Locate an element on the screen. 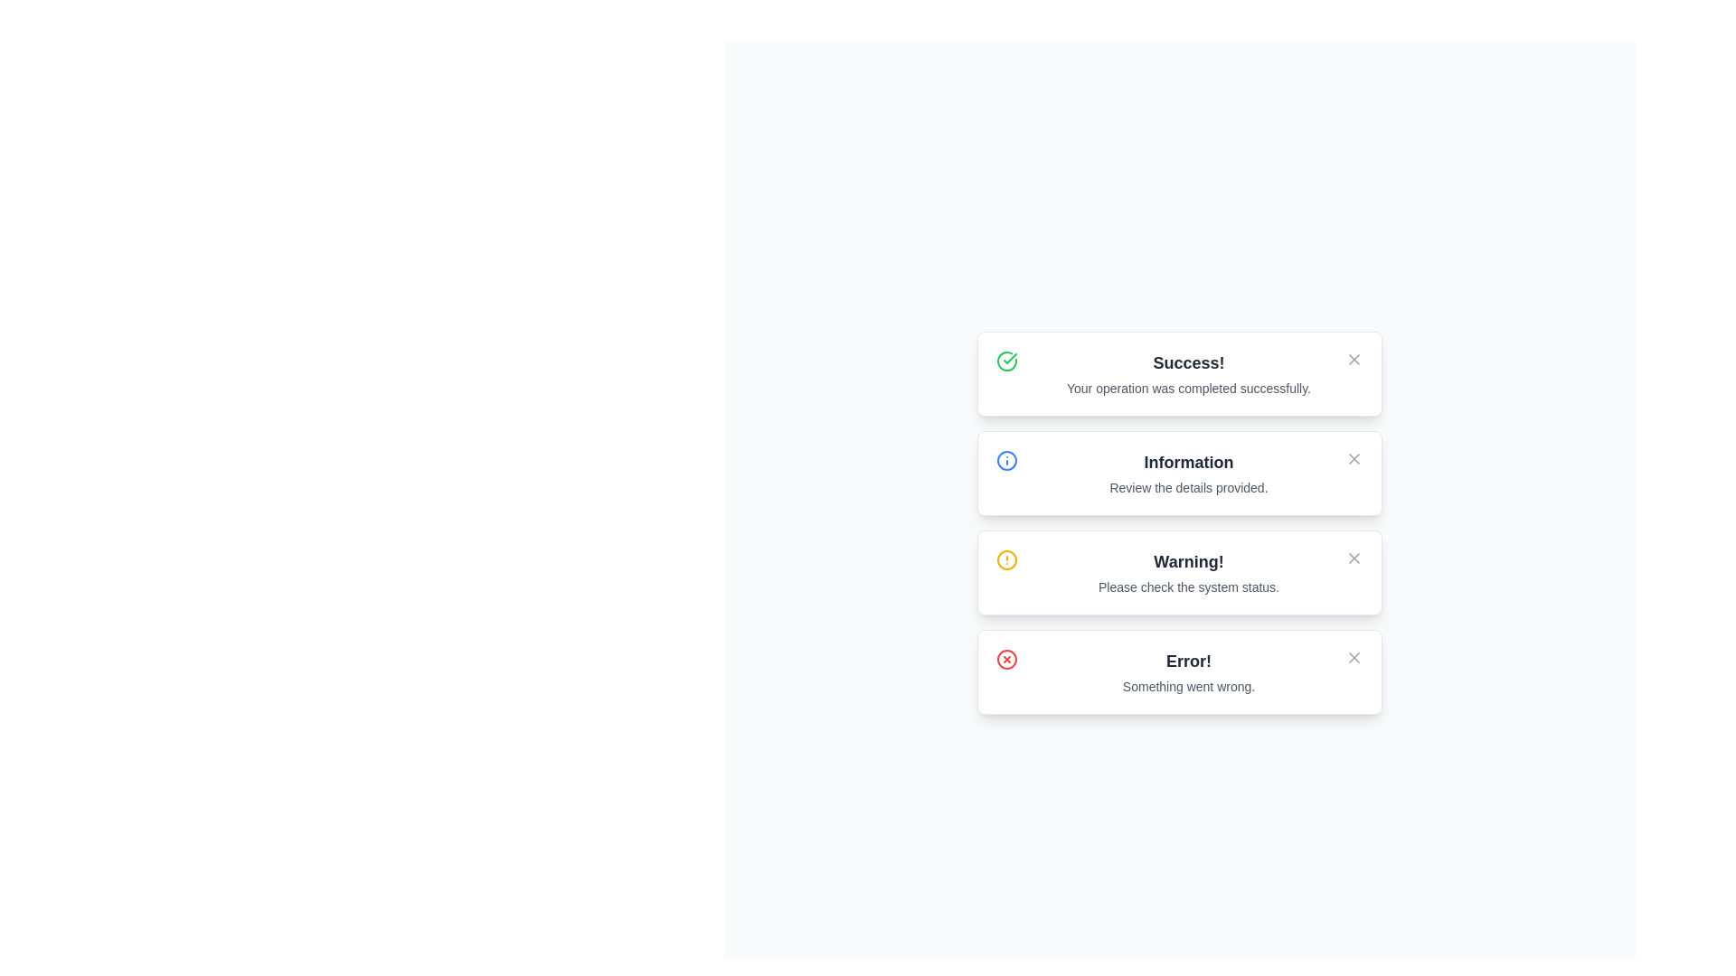 This screenshot has width=1736, height=976. the Notification box containing the header 'Warning!' and the message 'Please check the system status.' is located at coordinates (1180, 529).